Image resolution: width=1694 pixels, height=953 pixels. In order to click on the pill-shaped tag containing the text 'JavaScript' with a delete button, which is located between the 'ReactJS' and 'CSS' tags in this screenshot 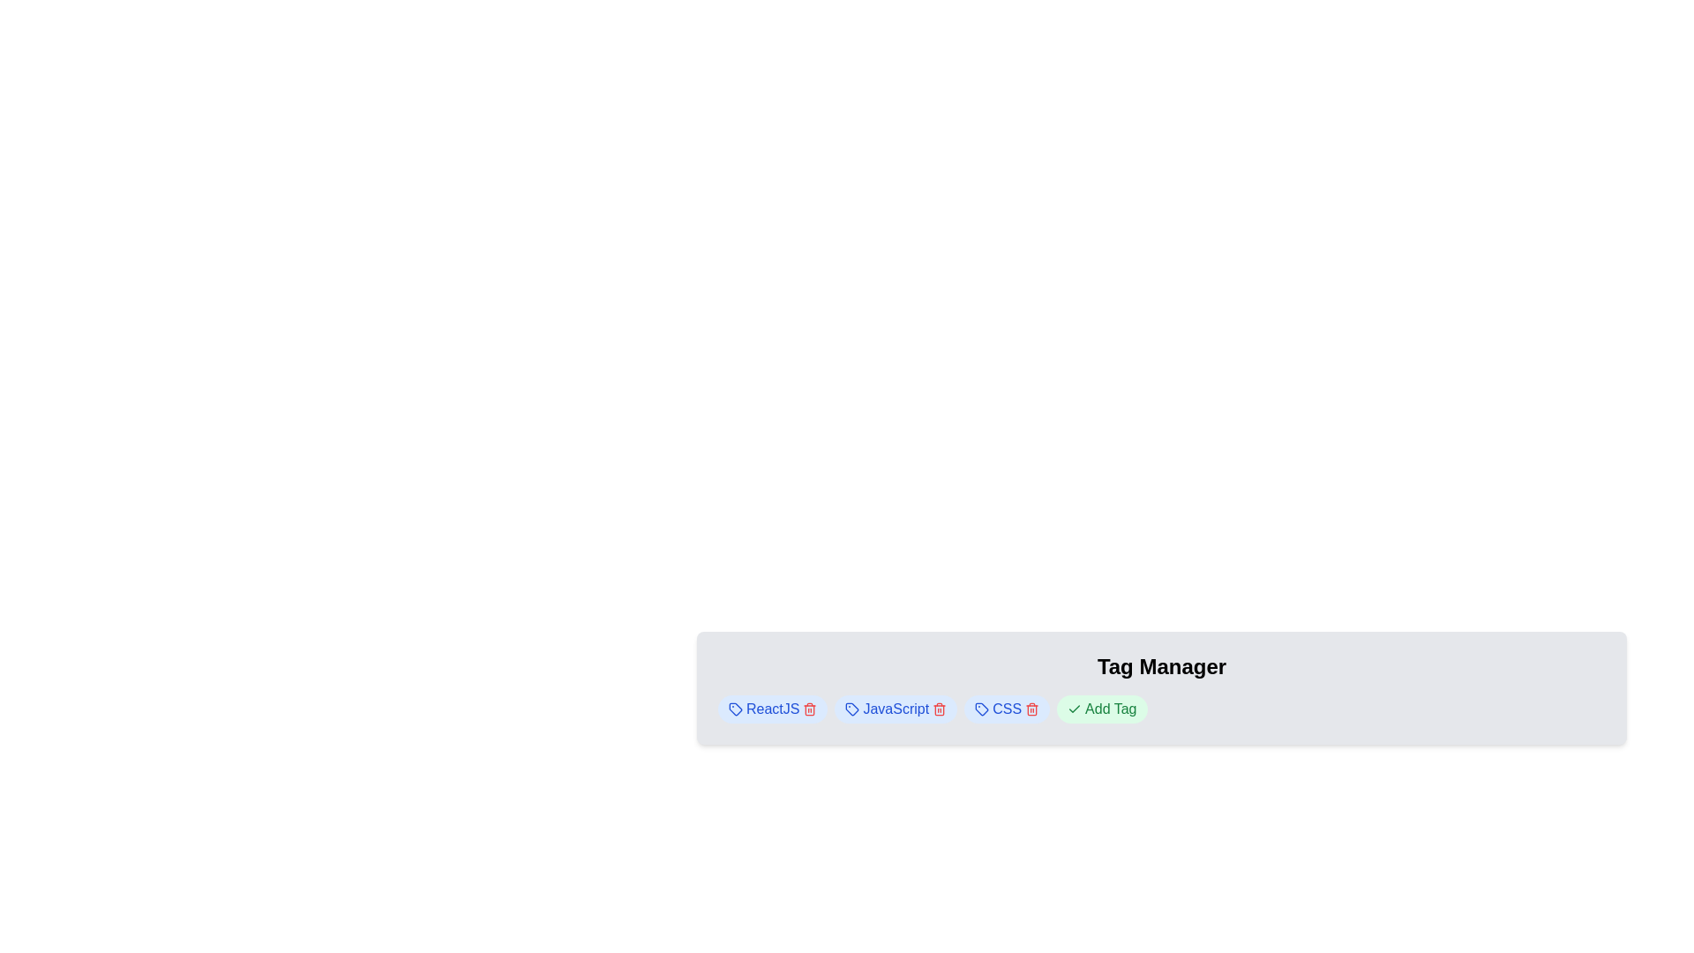, I will do `click(896, 708)`.